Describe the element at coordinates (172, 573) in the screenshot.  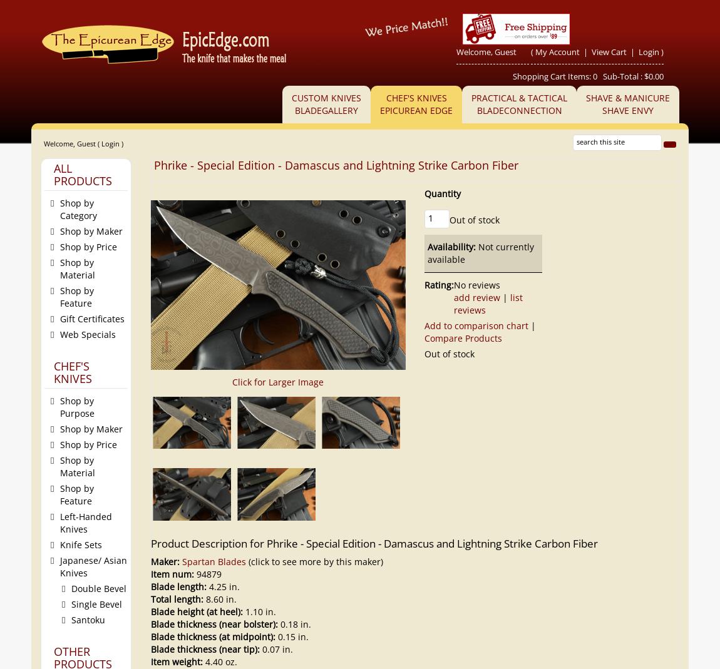
I see `'Item num:'` at that location.